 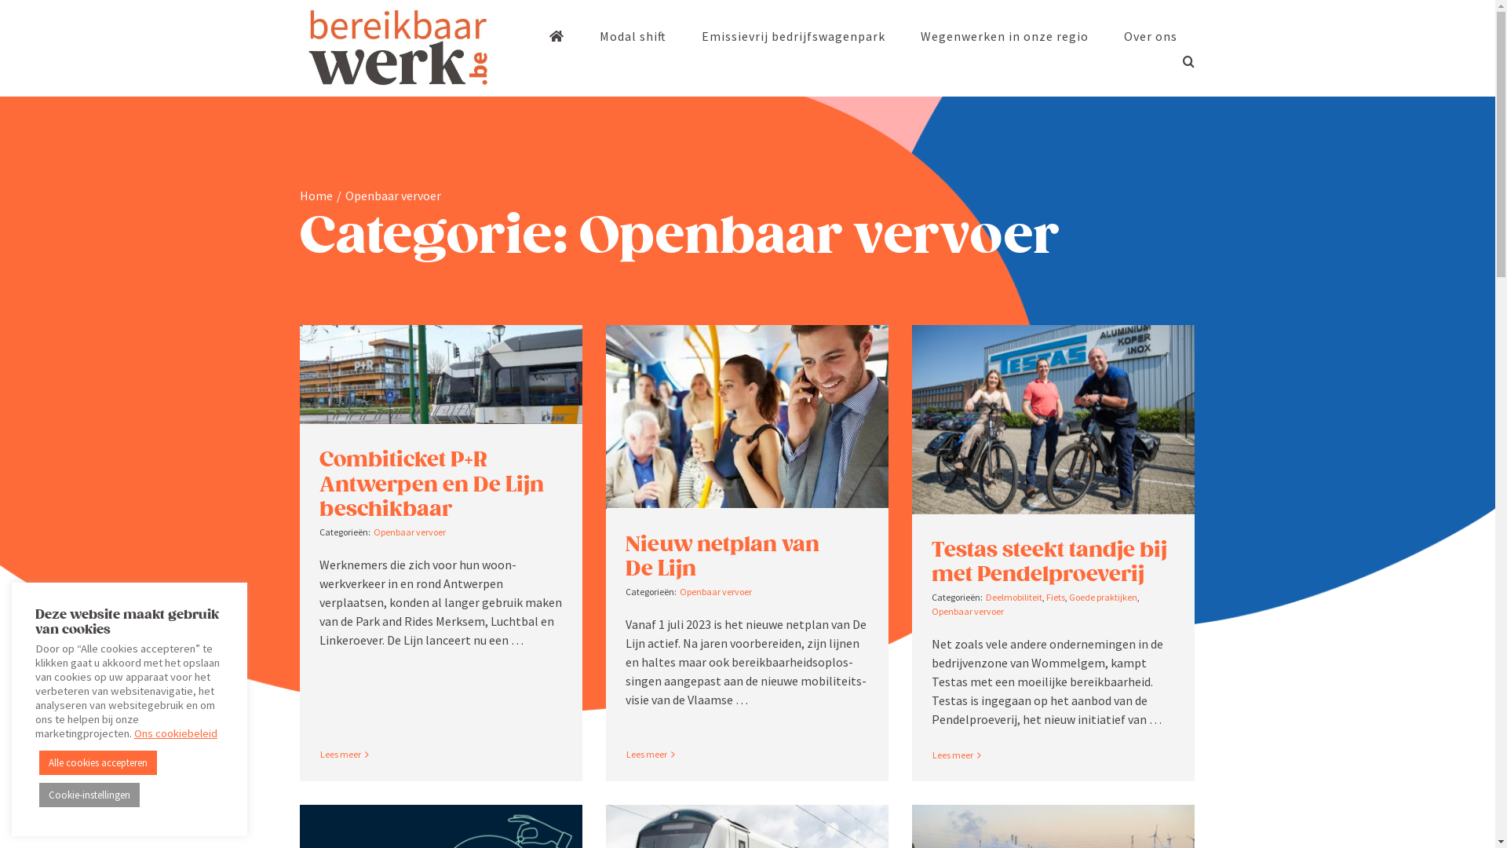 I want to click on 'Testas steekt tandje bij met Pendelproeverij', so click(x=1049, y=561).